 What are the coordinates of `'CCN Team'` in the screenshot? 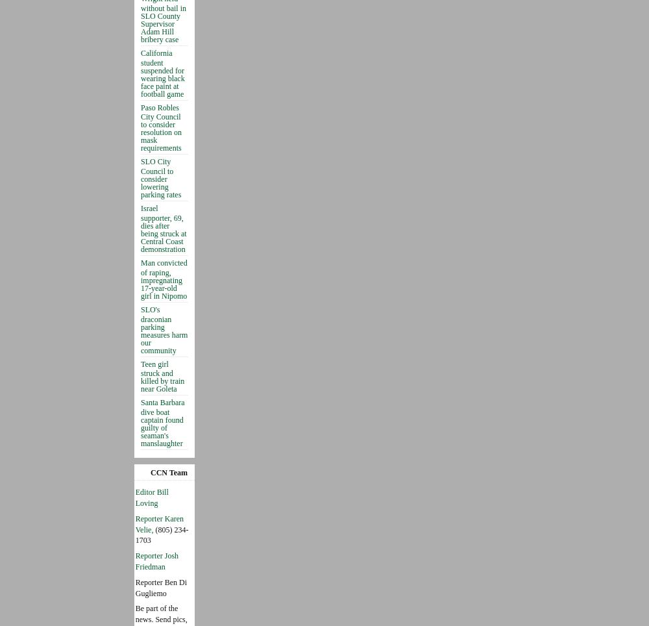 It's located at (150, 472).